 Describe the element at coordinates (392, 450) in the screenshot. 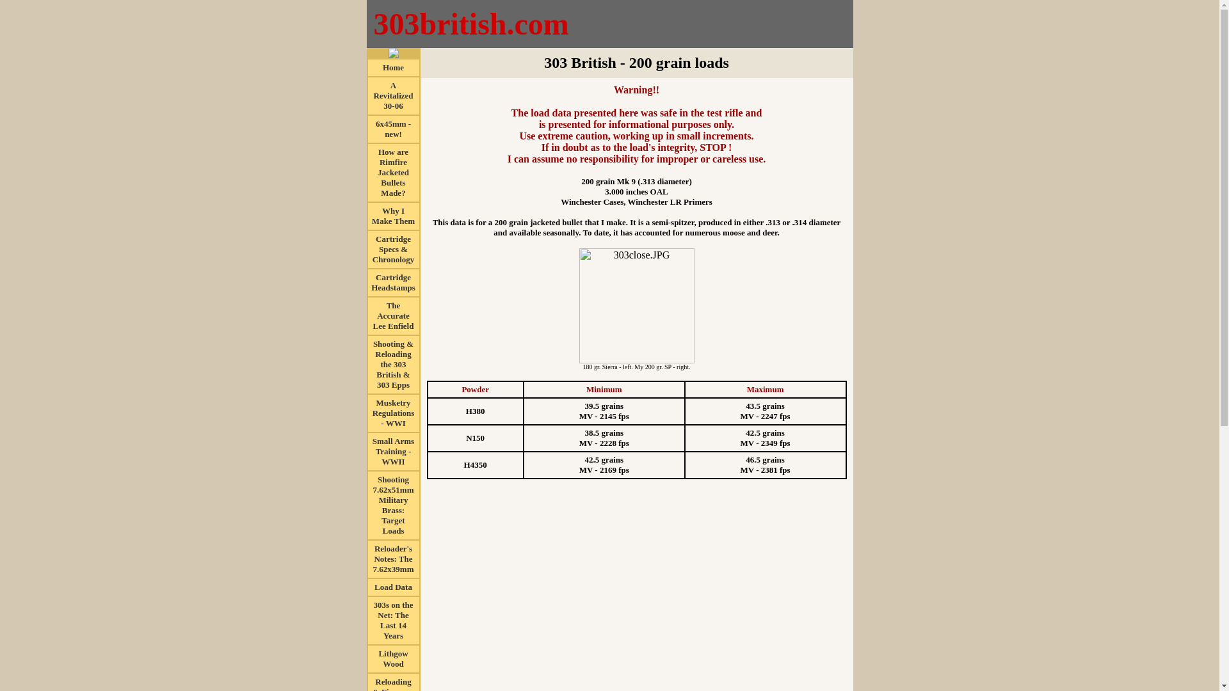

I see `'Small Arms Training - WWII'` at that location.